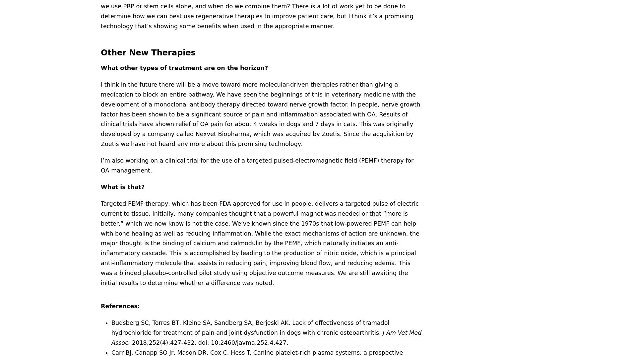  What do you see at coordinates (100, 187) in the screenshot?
I see `'What is that?'` at bounding box center [100, 187].